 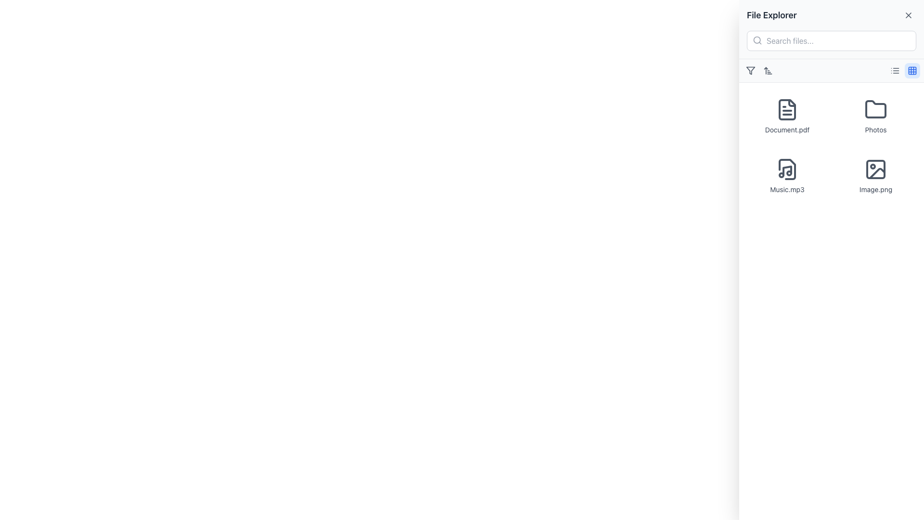 I want to click on the PDF file icon located in the file explorer grid above the label 'Document.pdf', so click(x=787, y=109).